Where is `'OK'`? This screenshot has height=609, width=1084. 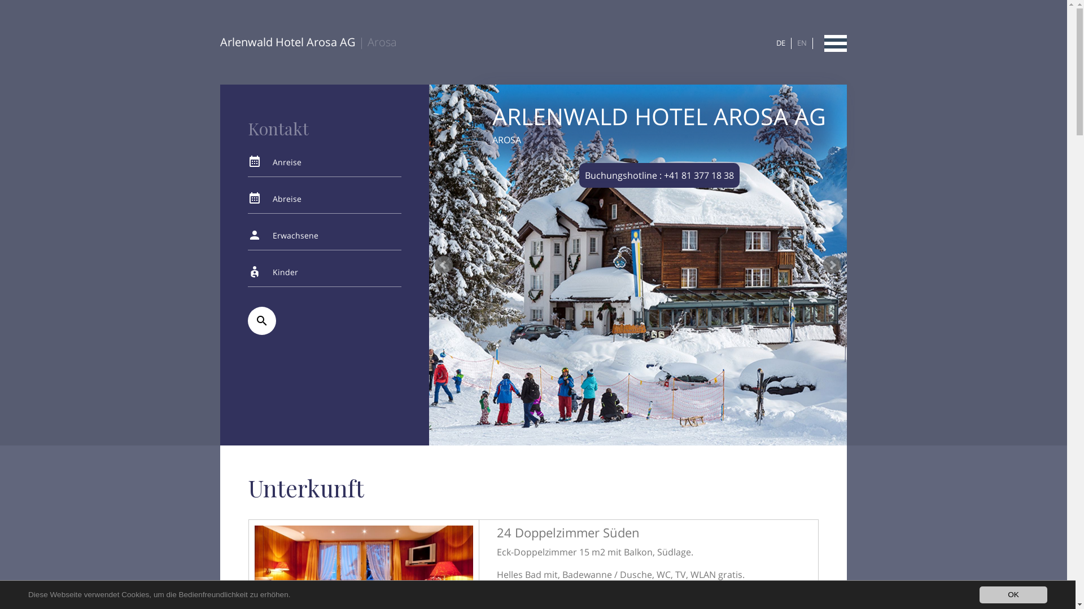 'OK' is located at coordinates (1013, 594).